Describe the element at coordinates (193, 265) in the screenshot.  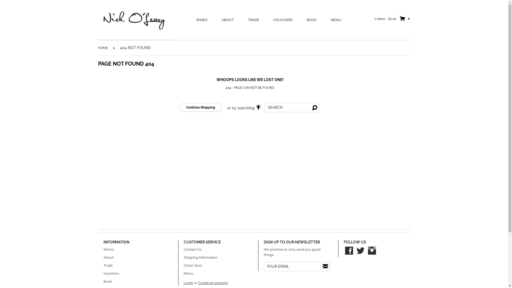
I see `'Cellar Door'` at that location.